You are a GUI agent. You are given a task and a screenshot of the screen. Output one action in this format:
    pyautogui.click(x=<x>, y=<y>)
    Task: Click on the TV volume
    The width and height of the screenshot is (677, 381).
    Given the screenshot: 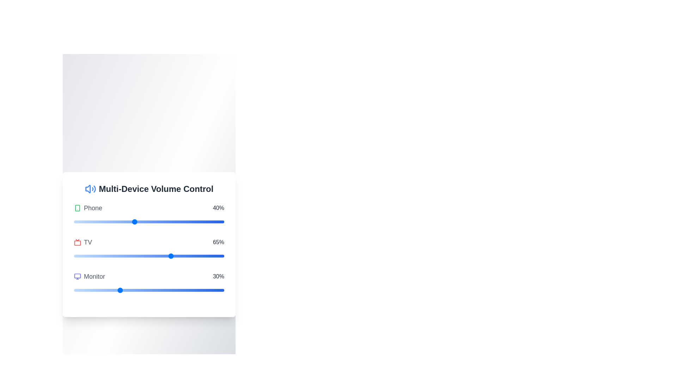 What is the action you would take?
    pyautogui.click(x=200, y=256)
    